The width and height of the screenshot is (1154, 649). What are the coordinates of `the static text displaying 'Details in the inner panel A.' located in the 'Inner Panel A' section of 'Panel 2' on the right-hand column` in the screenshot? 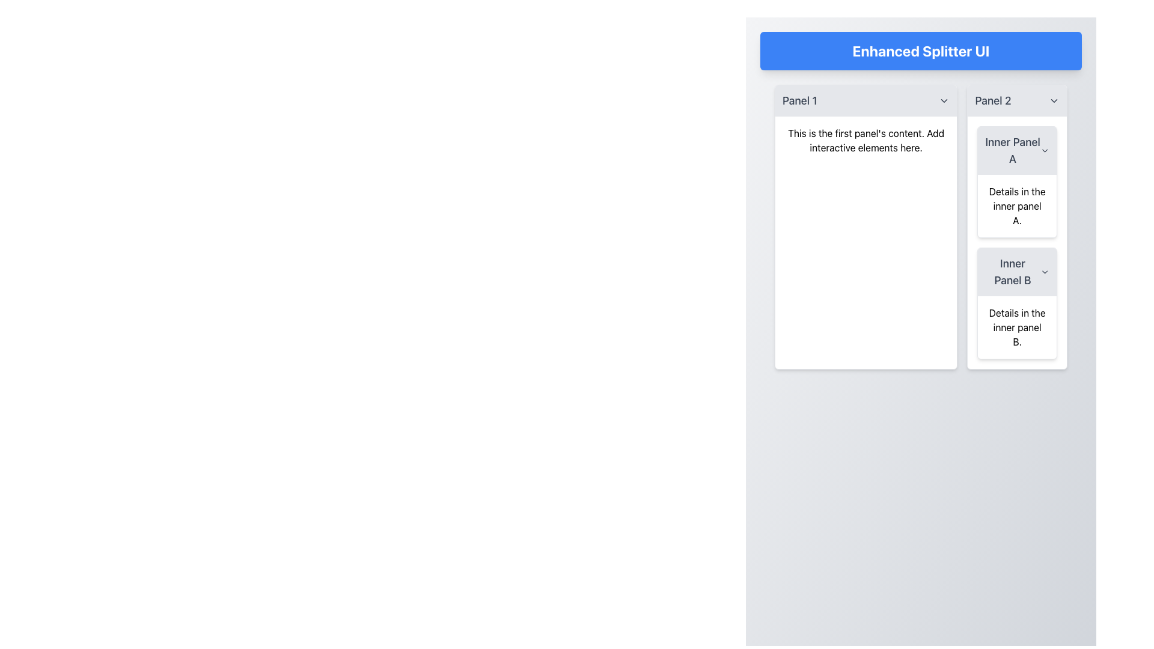 It's located at (1016, 206).